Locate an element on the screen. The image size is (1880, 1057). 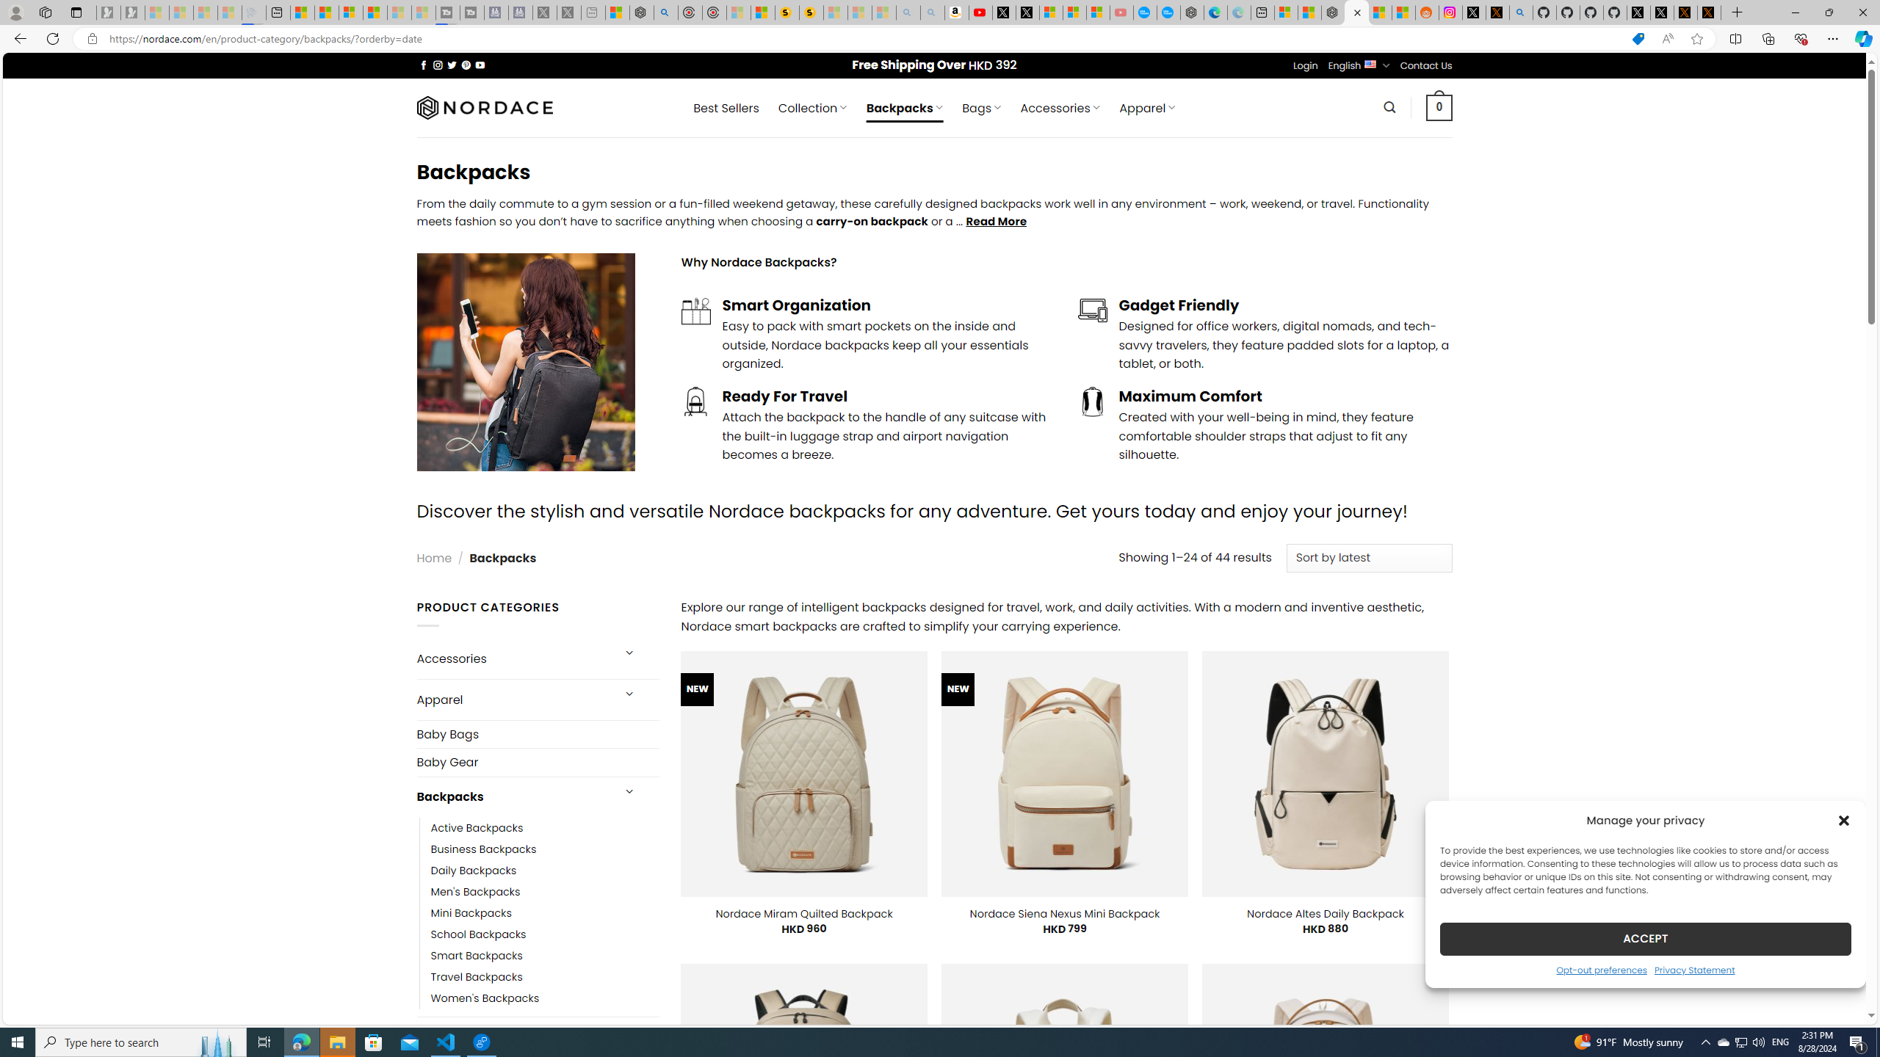
'Nordace - Best Sellers' is located at coordinates (1333, 12).